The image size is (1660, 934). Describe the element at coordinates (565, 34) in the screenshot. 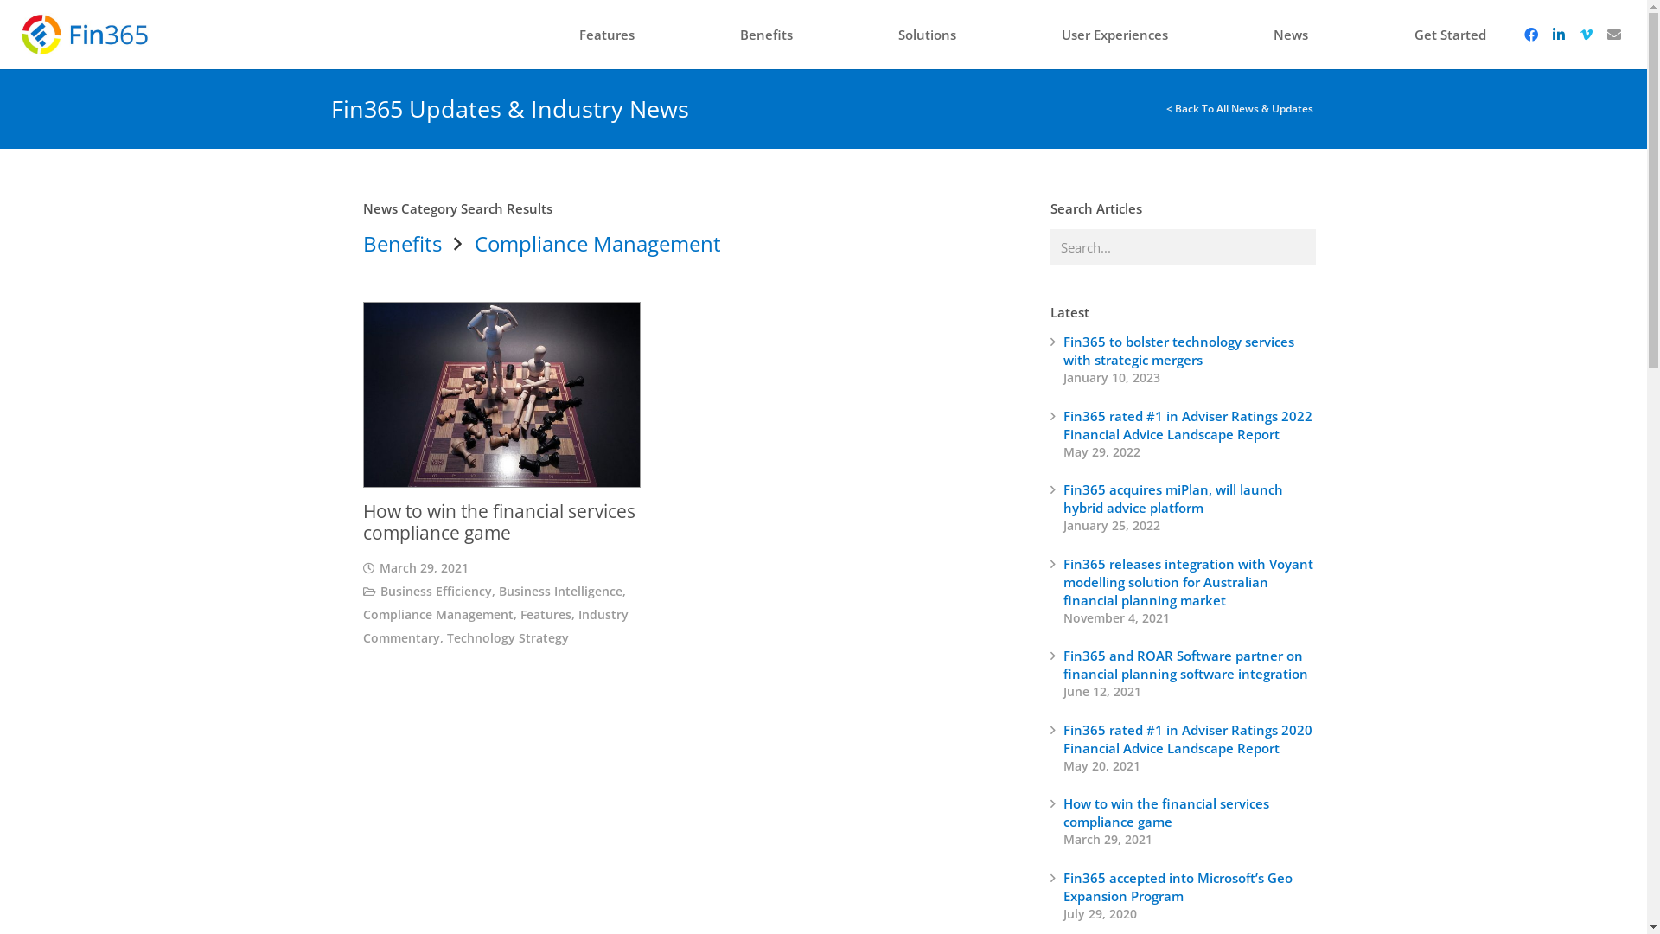

I see `'Features'` at that location.